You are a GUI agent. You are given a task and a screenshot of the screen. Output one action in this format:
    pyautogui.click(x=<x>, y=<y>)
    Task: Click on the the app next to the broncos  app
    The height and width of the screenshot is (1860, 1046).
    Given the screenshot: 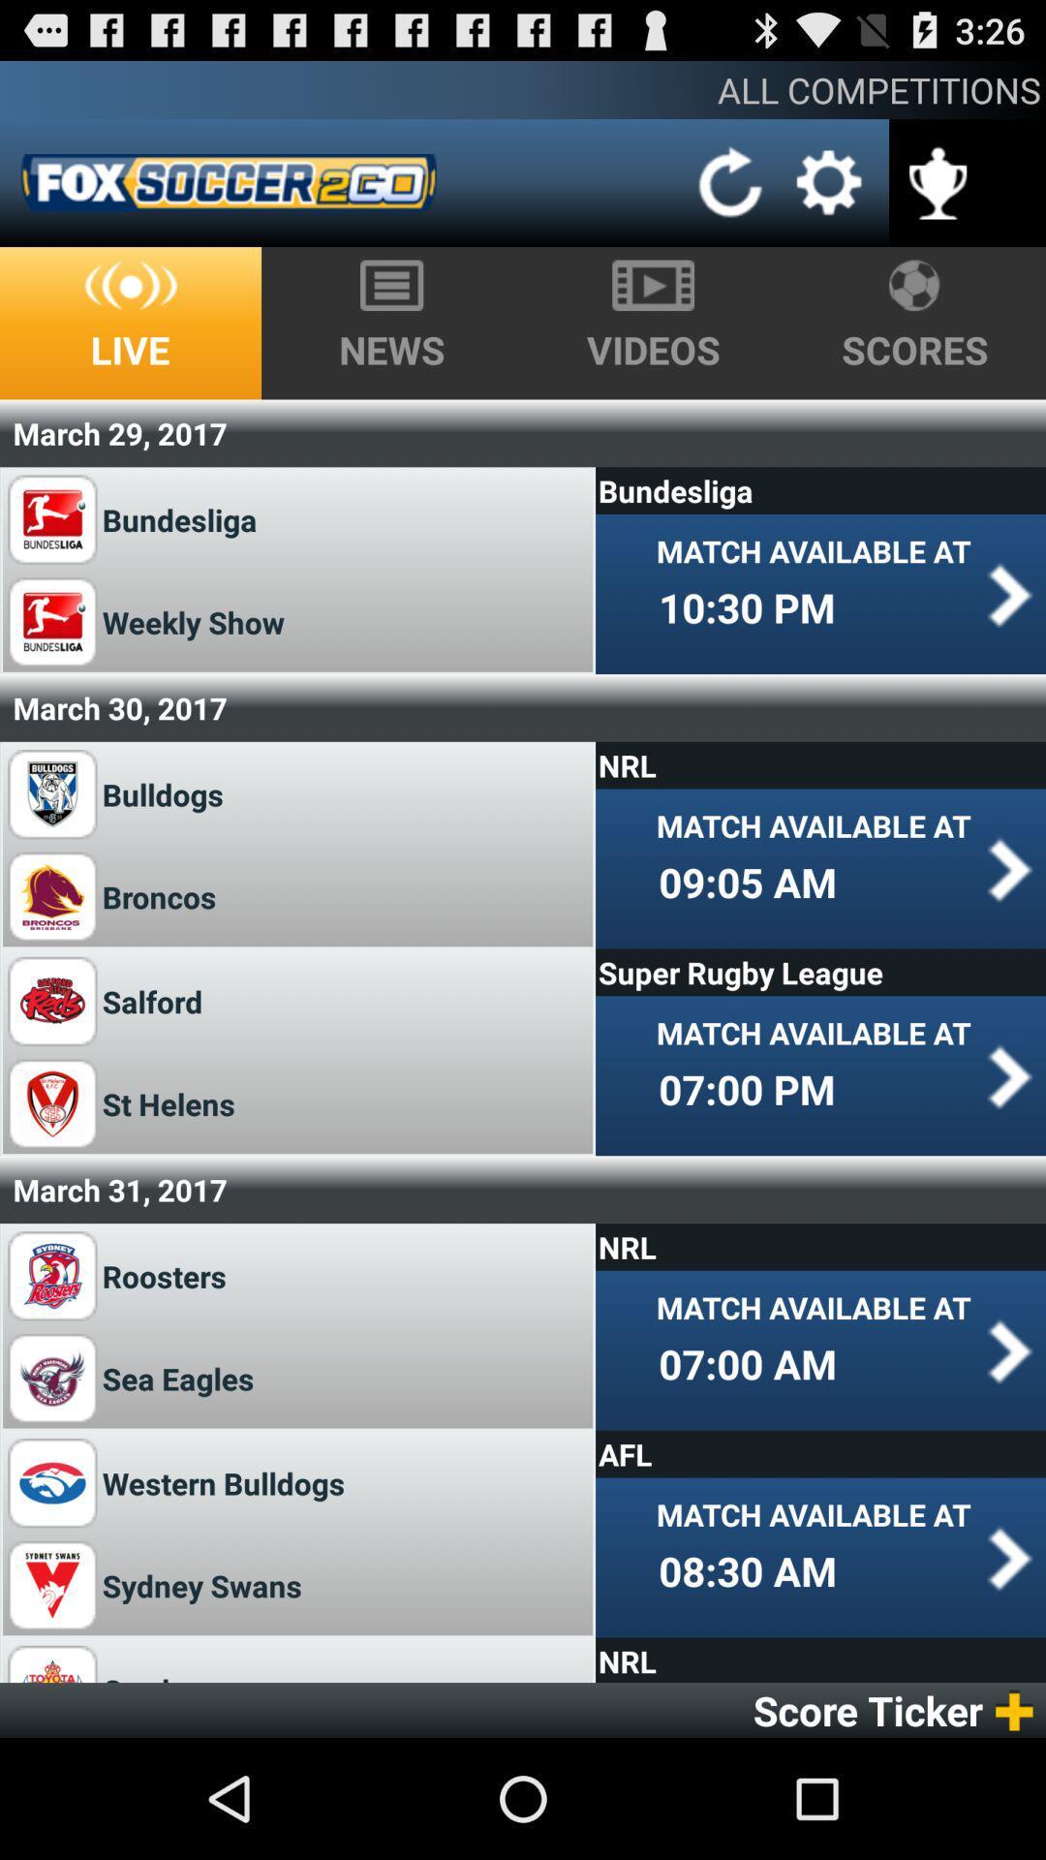 What is the action you would take?
    pyautogui.click(x=747, y=881)
    